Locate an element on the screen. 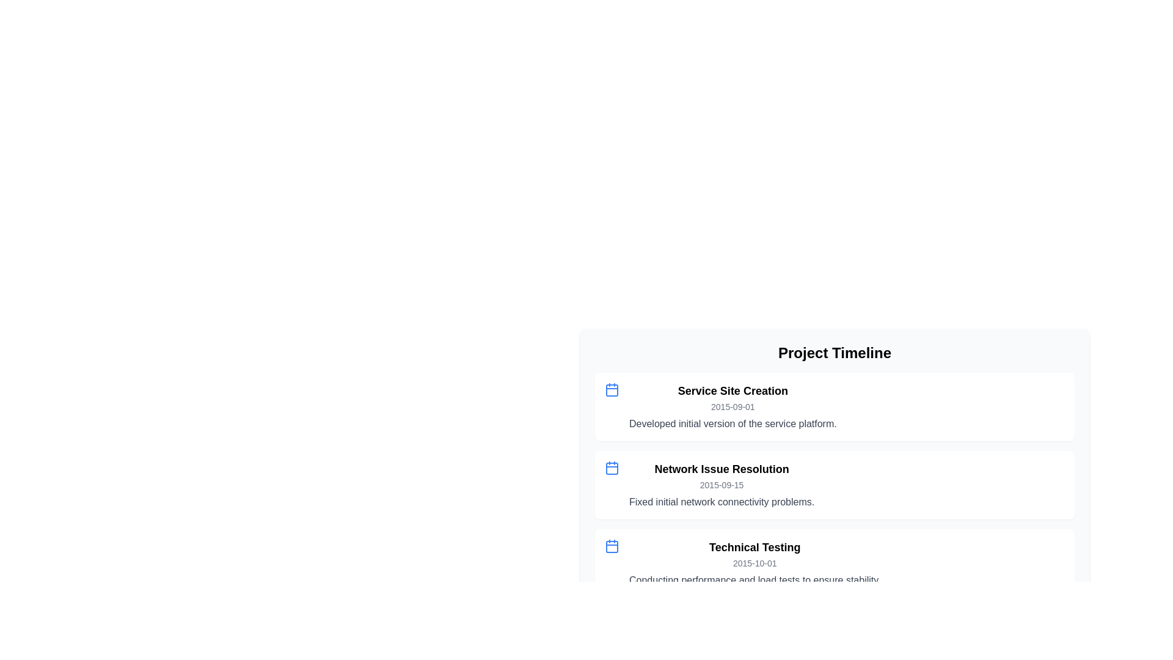 This screenshot has width=1173, height=660. the second informational card in the 'Project Timeline' section, which summarizes a project milestone or issue description is located at coordinates (834, 485).